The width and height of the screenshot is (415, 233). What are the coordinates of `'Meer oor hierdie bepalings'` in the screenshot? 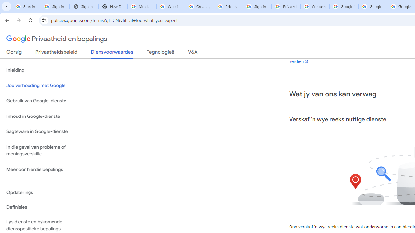 It's located at (49, 169).